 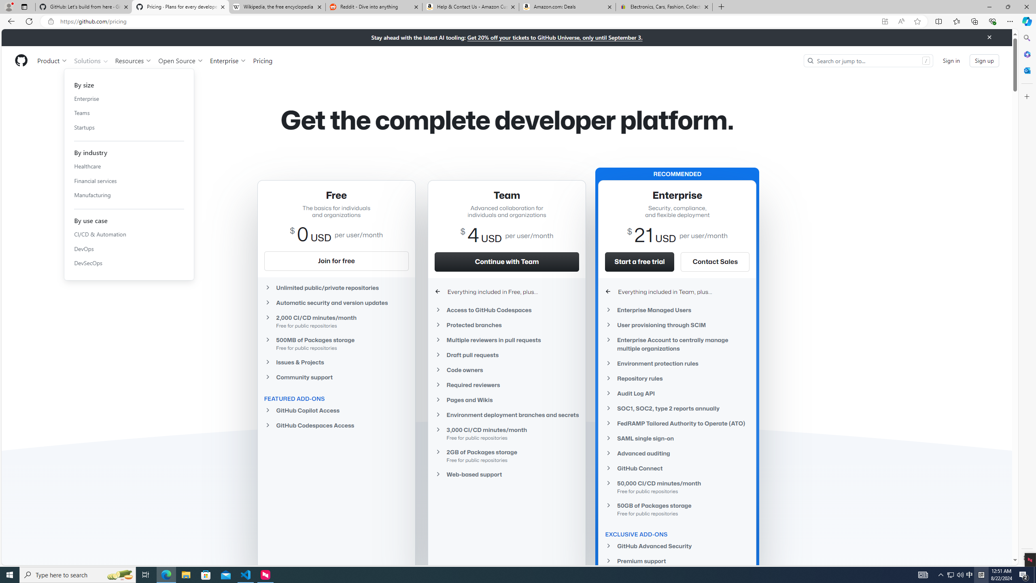 What do you see at coordinates (677, 324) in the screenshot?
I see `'User provisioning through SCIM'` at bounding box center [677, 324].